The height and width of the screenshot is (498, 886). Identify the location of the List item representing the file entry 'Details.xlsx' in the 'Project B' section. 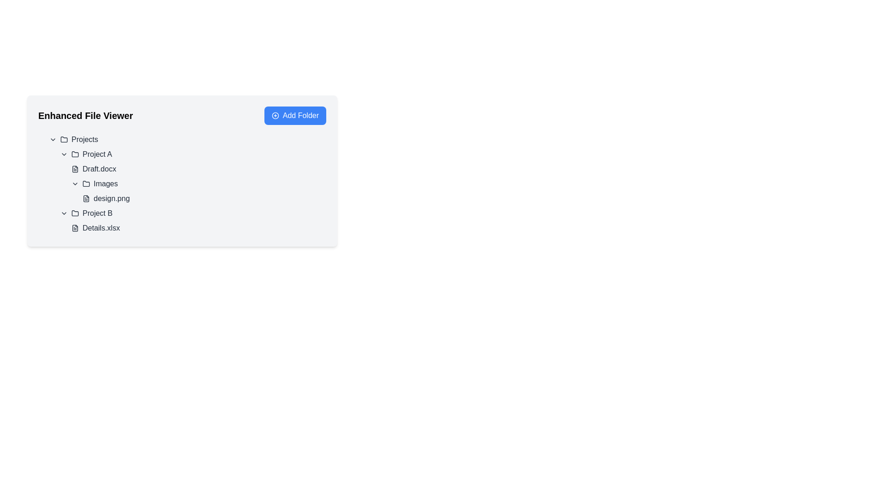
(198, 228).